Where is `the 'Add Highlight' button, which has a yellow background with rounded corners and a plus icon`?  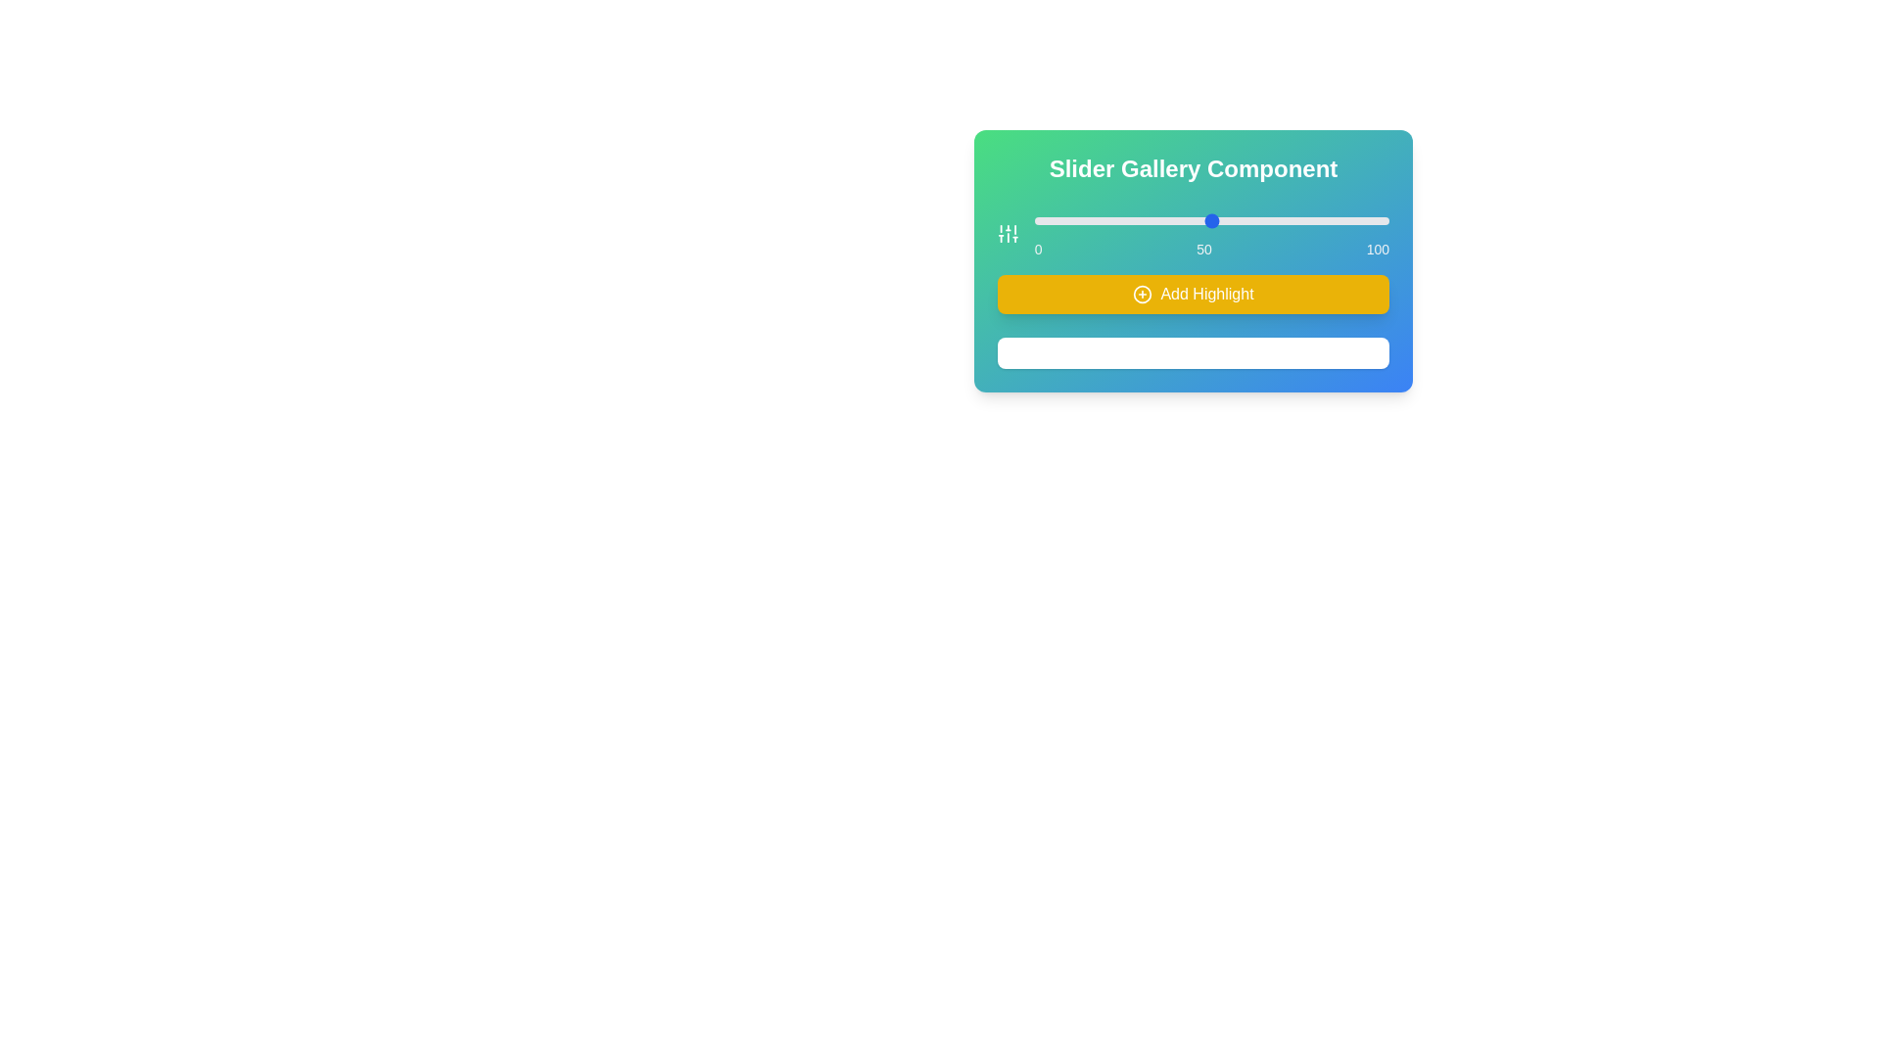
the 'Add Highlight' button, which has a yellow background with rounded corners and a plus icon is located at coordinates (1193, 294).